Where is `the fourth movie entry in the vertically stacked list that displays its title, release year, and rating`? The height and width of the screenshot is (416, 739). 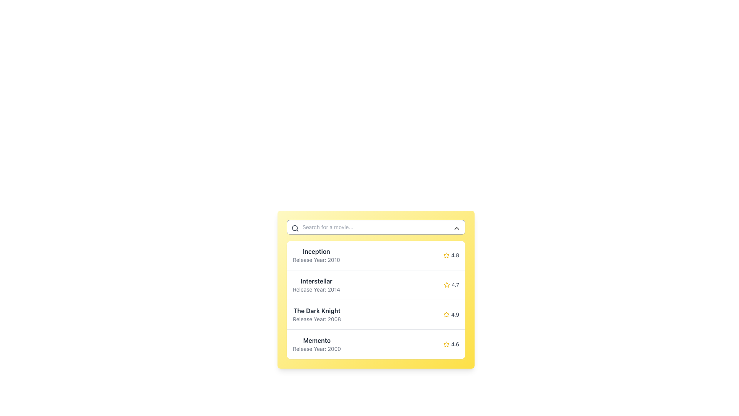
the fourth movie entry in the vertically stacked list that displays its title, release year, and rating is located at coordinates (376, 344).